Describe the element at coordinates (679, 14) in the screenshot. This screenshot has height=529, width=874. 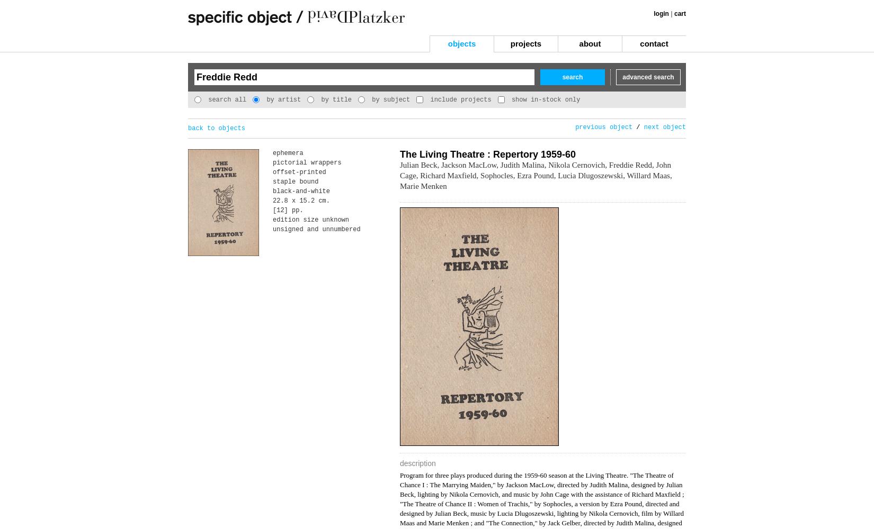
I see `'cart'` at that location.